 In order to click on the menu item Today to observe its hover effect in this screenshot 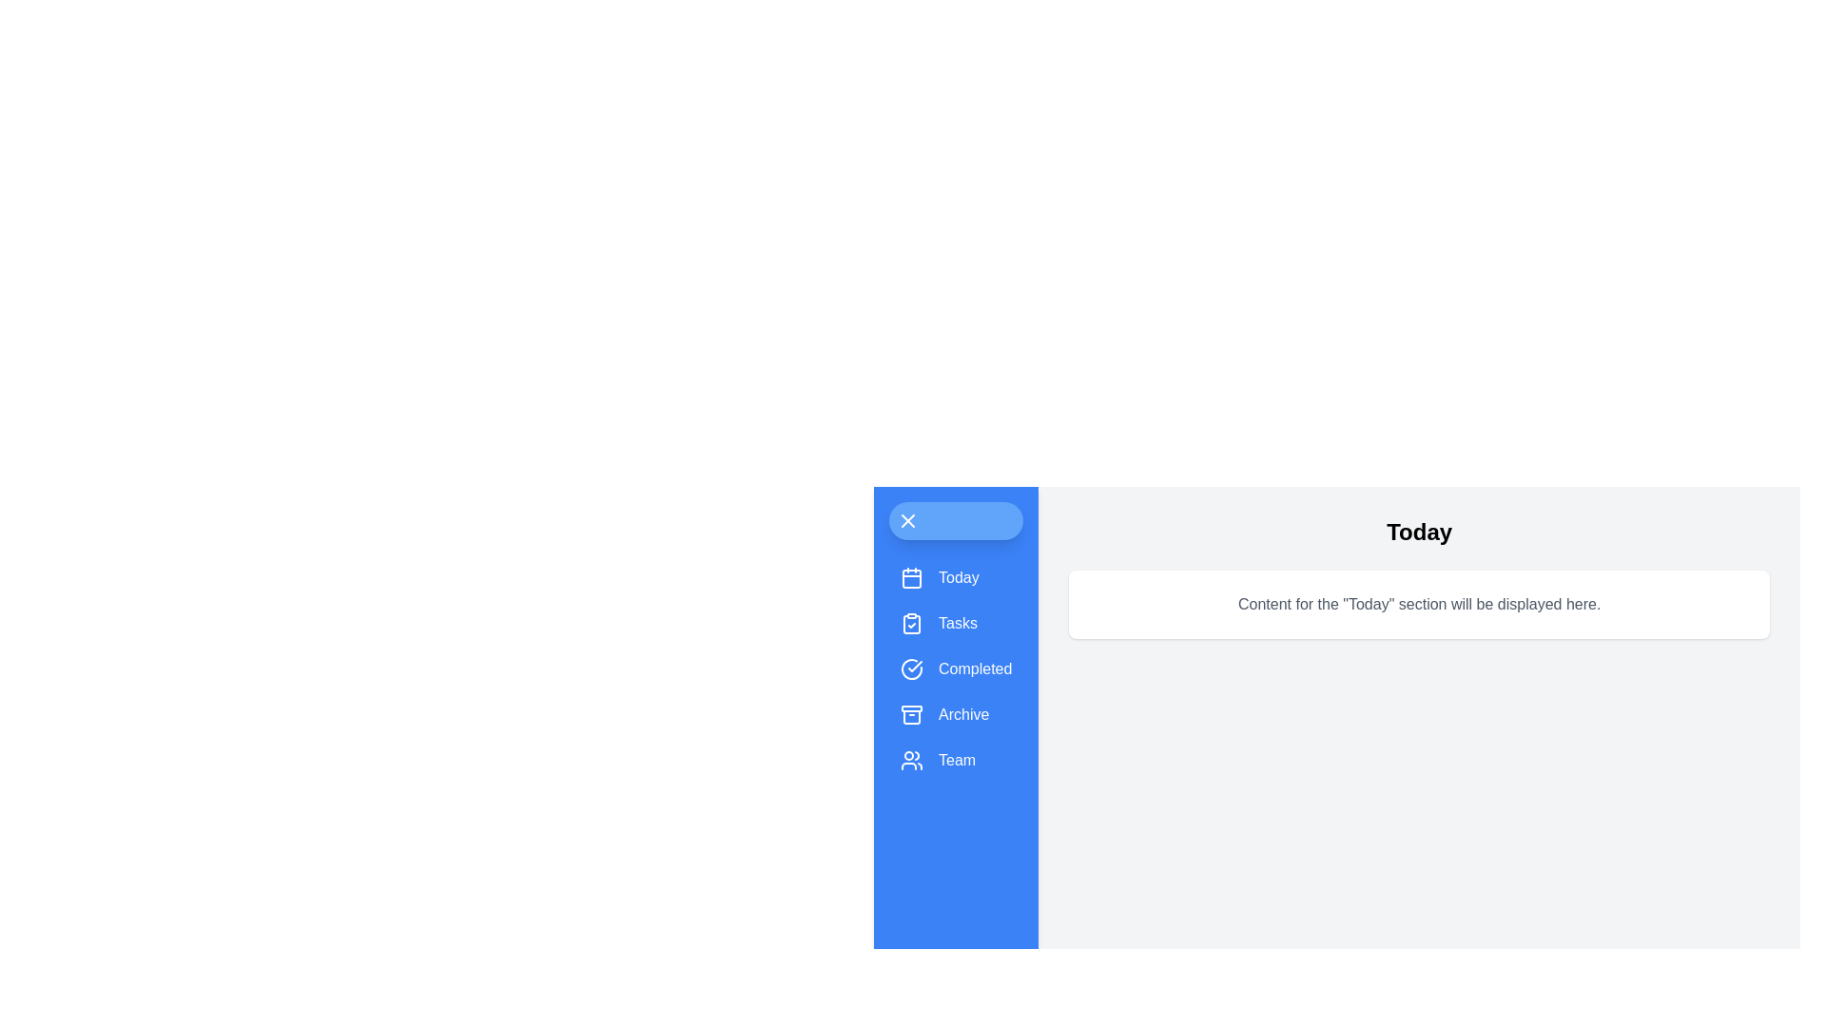, I will do `click(956, 577)`.